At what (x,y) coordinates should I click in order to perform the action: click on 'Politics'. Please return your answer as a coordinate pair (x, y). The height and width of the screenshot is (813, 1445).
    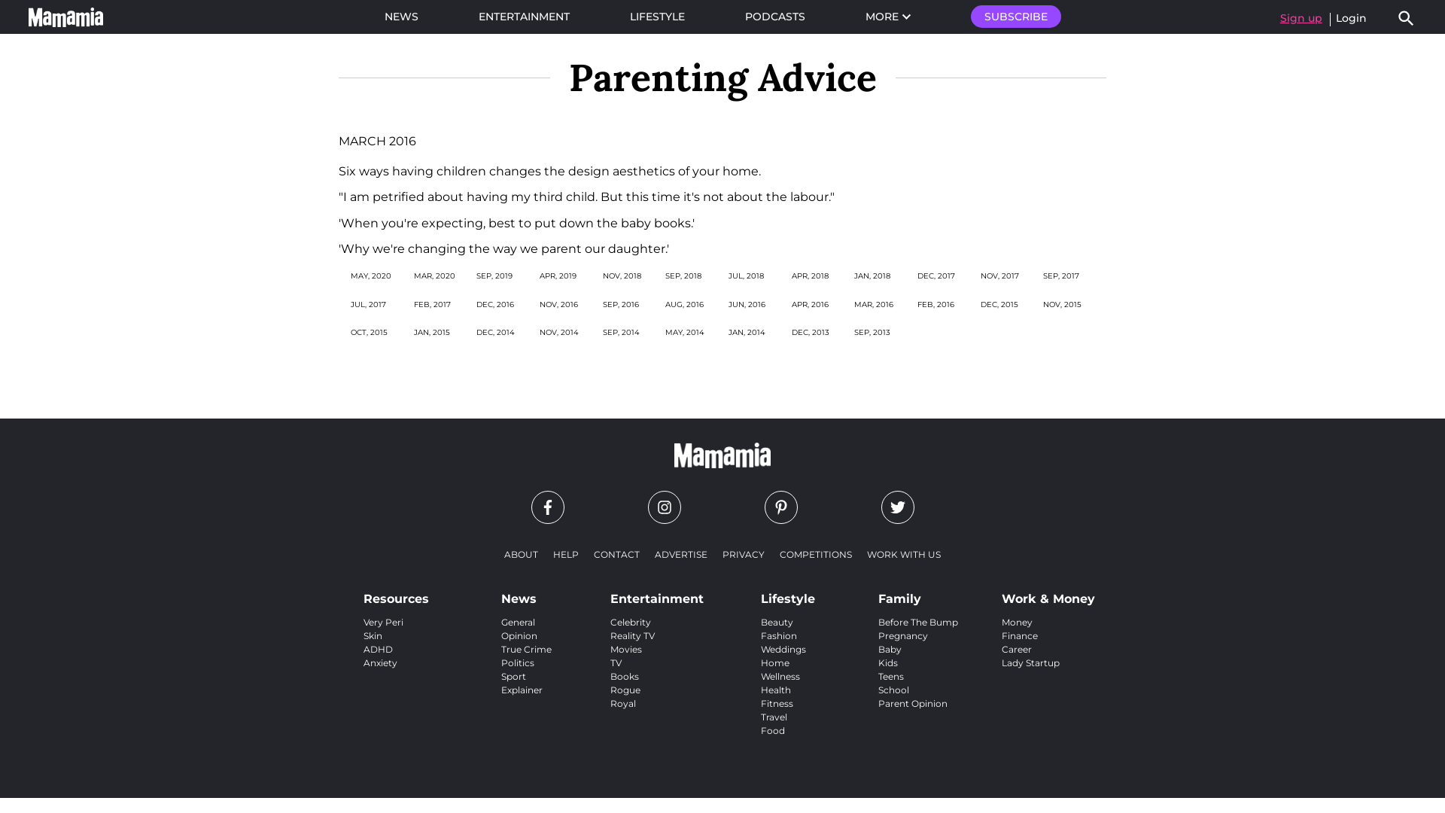
    Looking at the image, I should click on (517, 662).